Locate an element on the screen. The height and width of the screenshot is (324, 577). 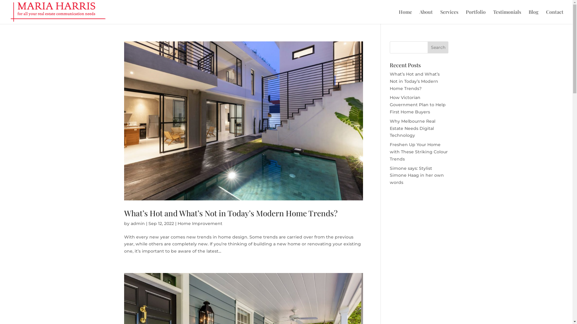
'Why Melbourne Real Estate Needs Digital Technology' is located at coordinates (412, 128).